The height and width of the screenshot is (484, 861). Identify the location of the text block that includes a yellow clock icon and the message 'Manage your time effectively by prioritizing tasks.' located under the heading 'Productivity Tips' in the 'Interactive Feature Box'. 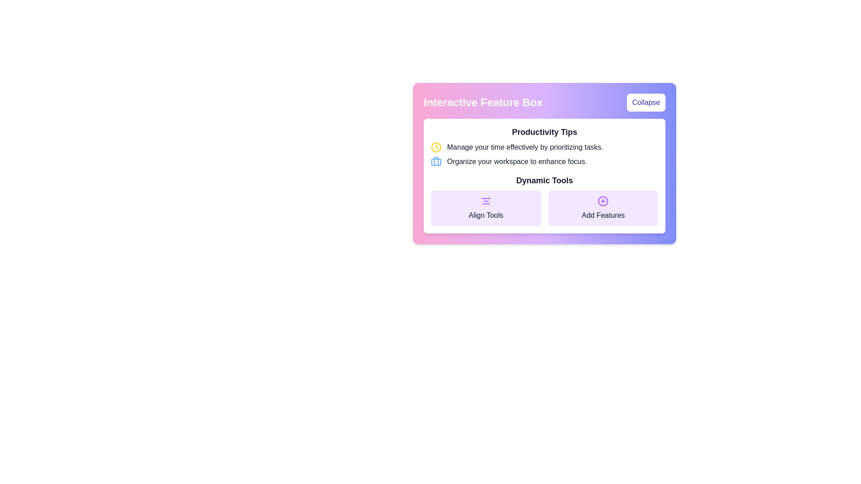
(544, 147).